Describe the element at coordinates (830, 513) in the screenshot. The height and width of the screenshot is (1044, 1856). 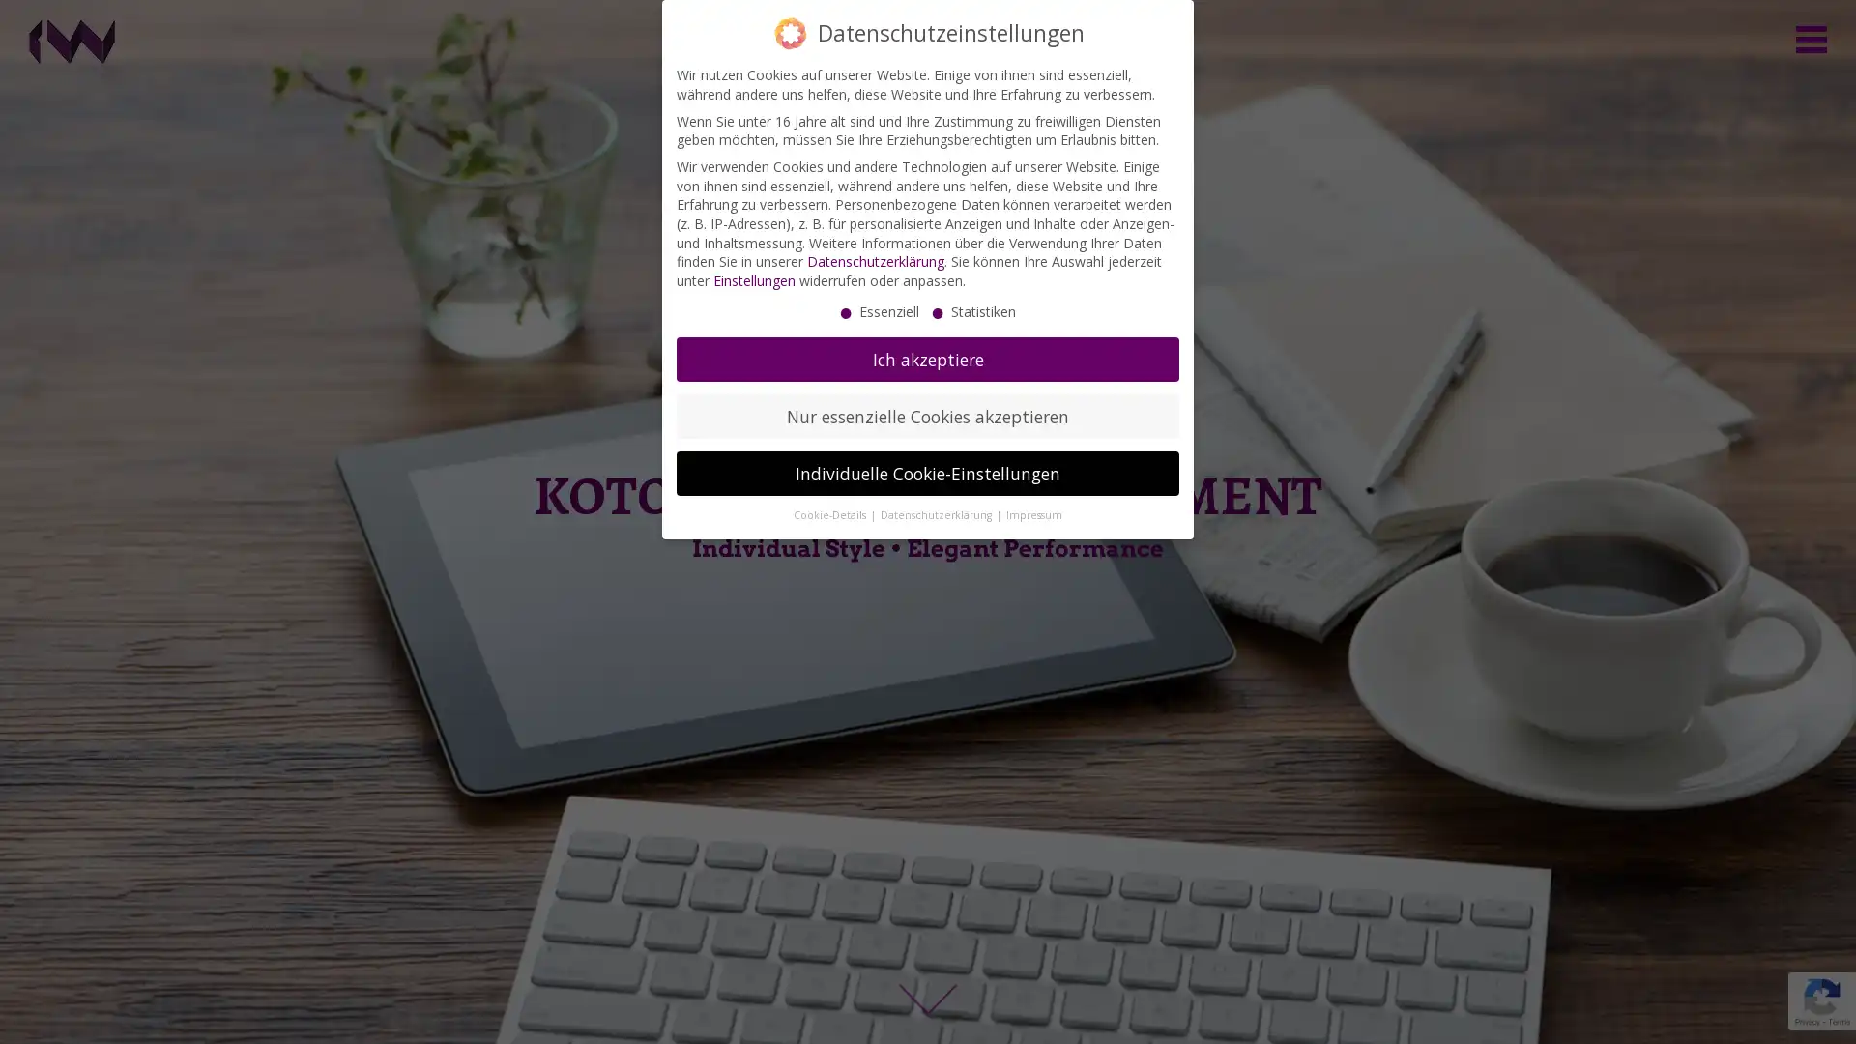
I see `Cookie-Details` at that location.